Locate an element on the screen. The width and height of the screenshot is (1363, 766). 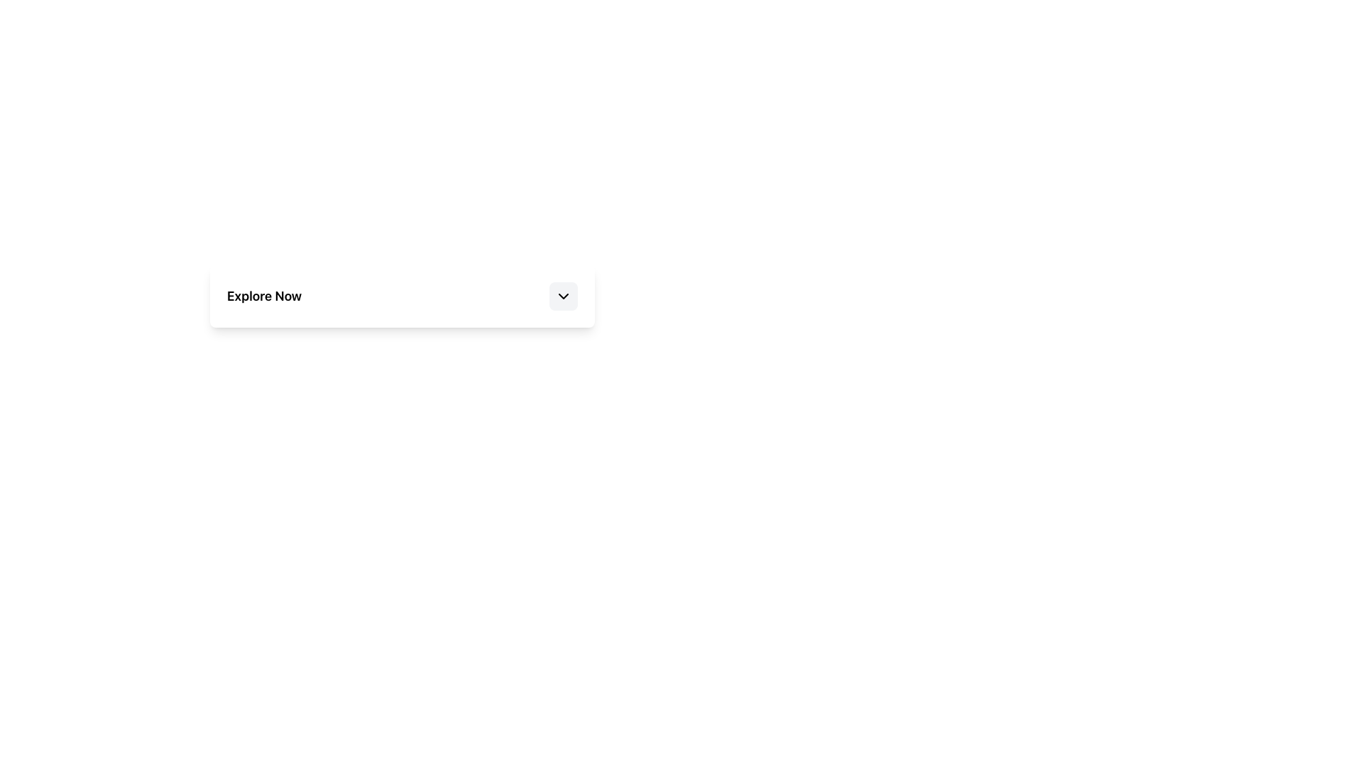
the small, square-shaped button with a gray background and a black downward-pointing chevron icon is located at coordinates (562, 295).